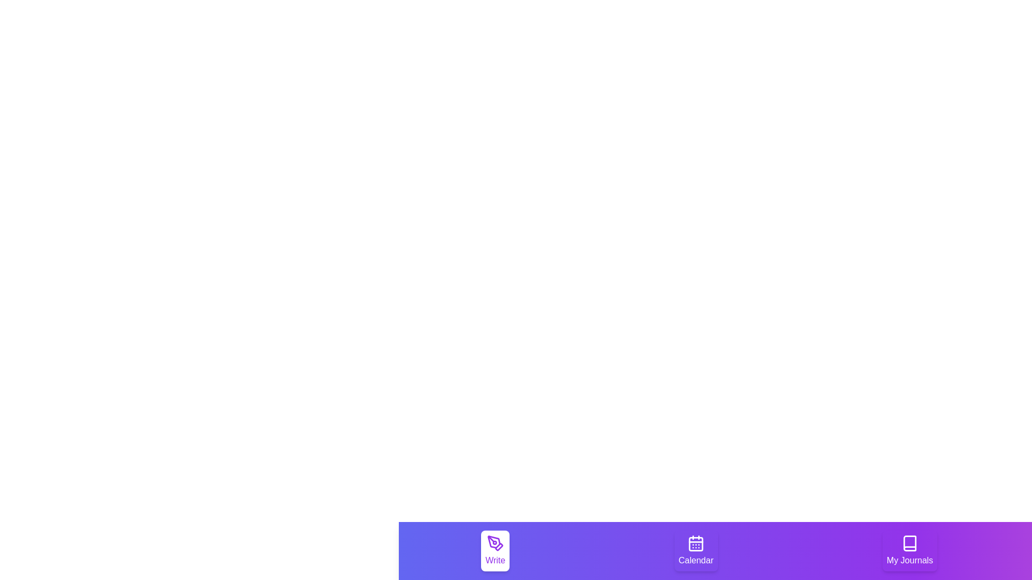  I want to click on the tab labeled My Journals to select it, so click(909, 551).